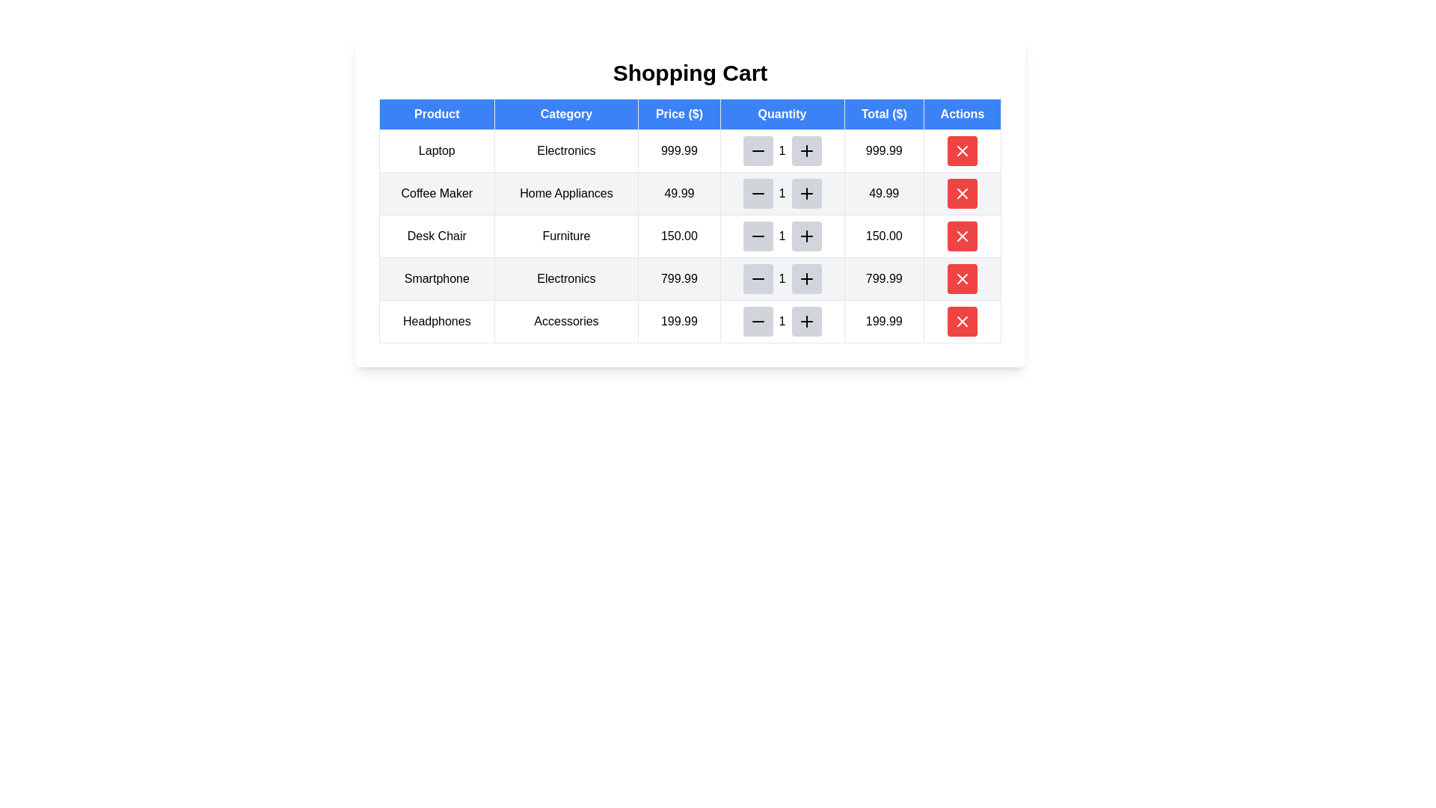  I want to click on the static text display showing the price for 'Headphones', located in the last row of the table under the 'Price ($)' column, so click(678, 320).